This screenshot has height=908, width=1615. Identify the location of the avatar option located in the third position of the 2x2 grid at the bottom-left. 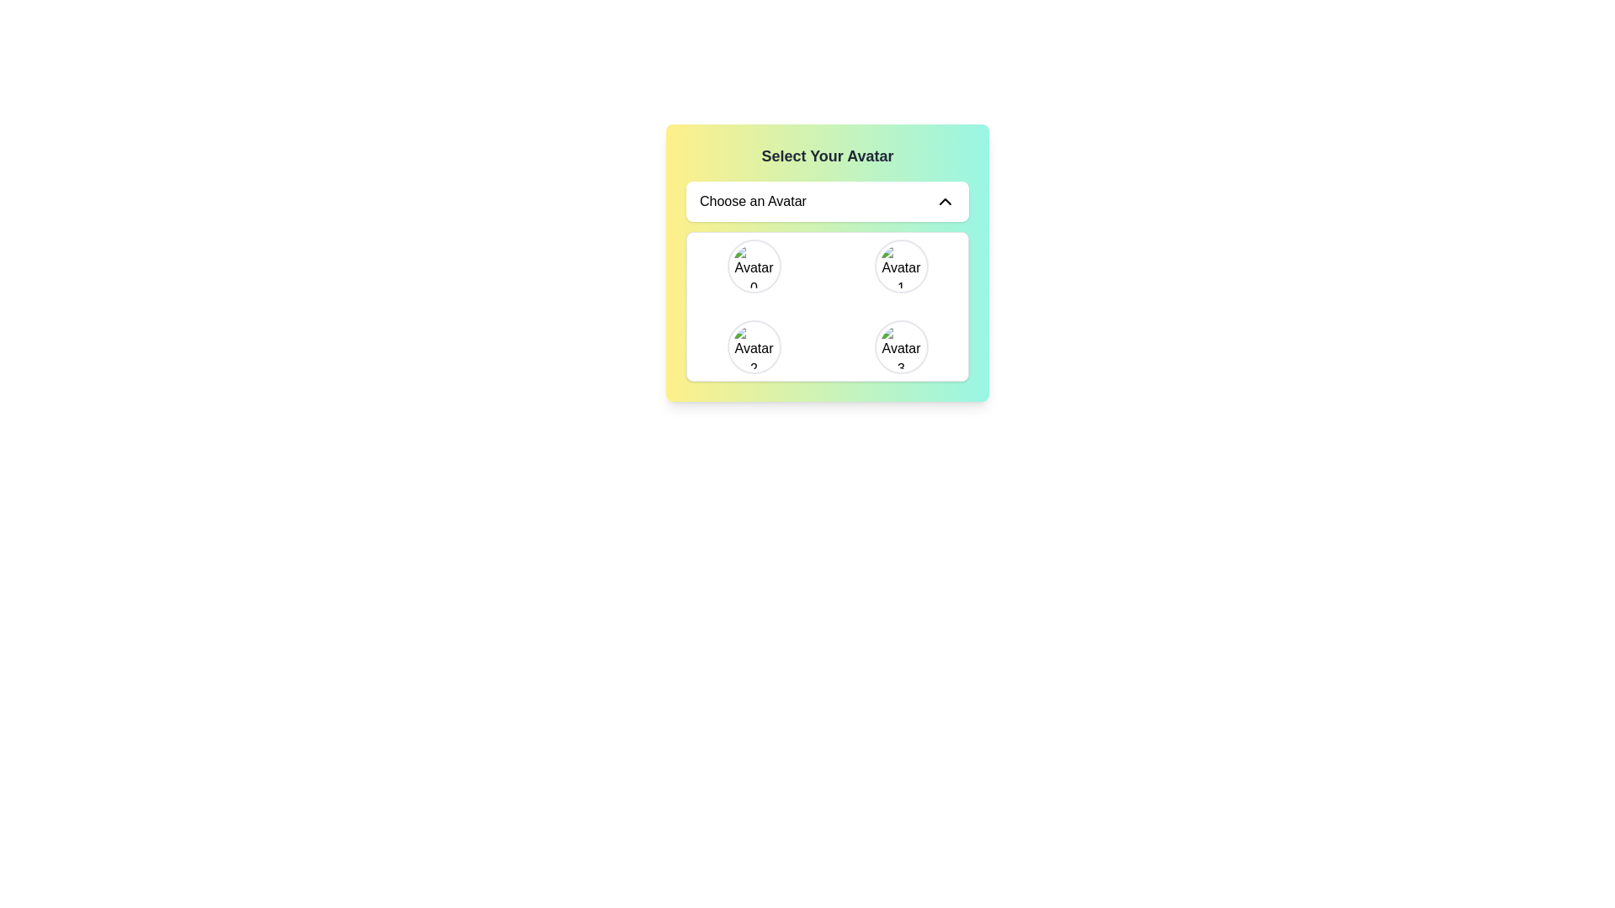
(753, 346).